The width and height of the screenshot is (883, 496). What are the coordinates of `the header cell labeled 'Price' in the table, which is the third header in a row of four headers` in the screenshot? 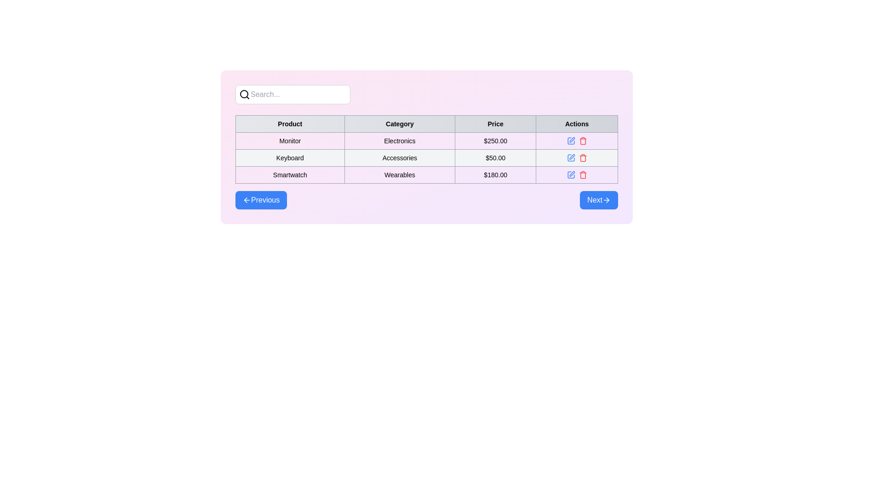 It's located at (495, 124).